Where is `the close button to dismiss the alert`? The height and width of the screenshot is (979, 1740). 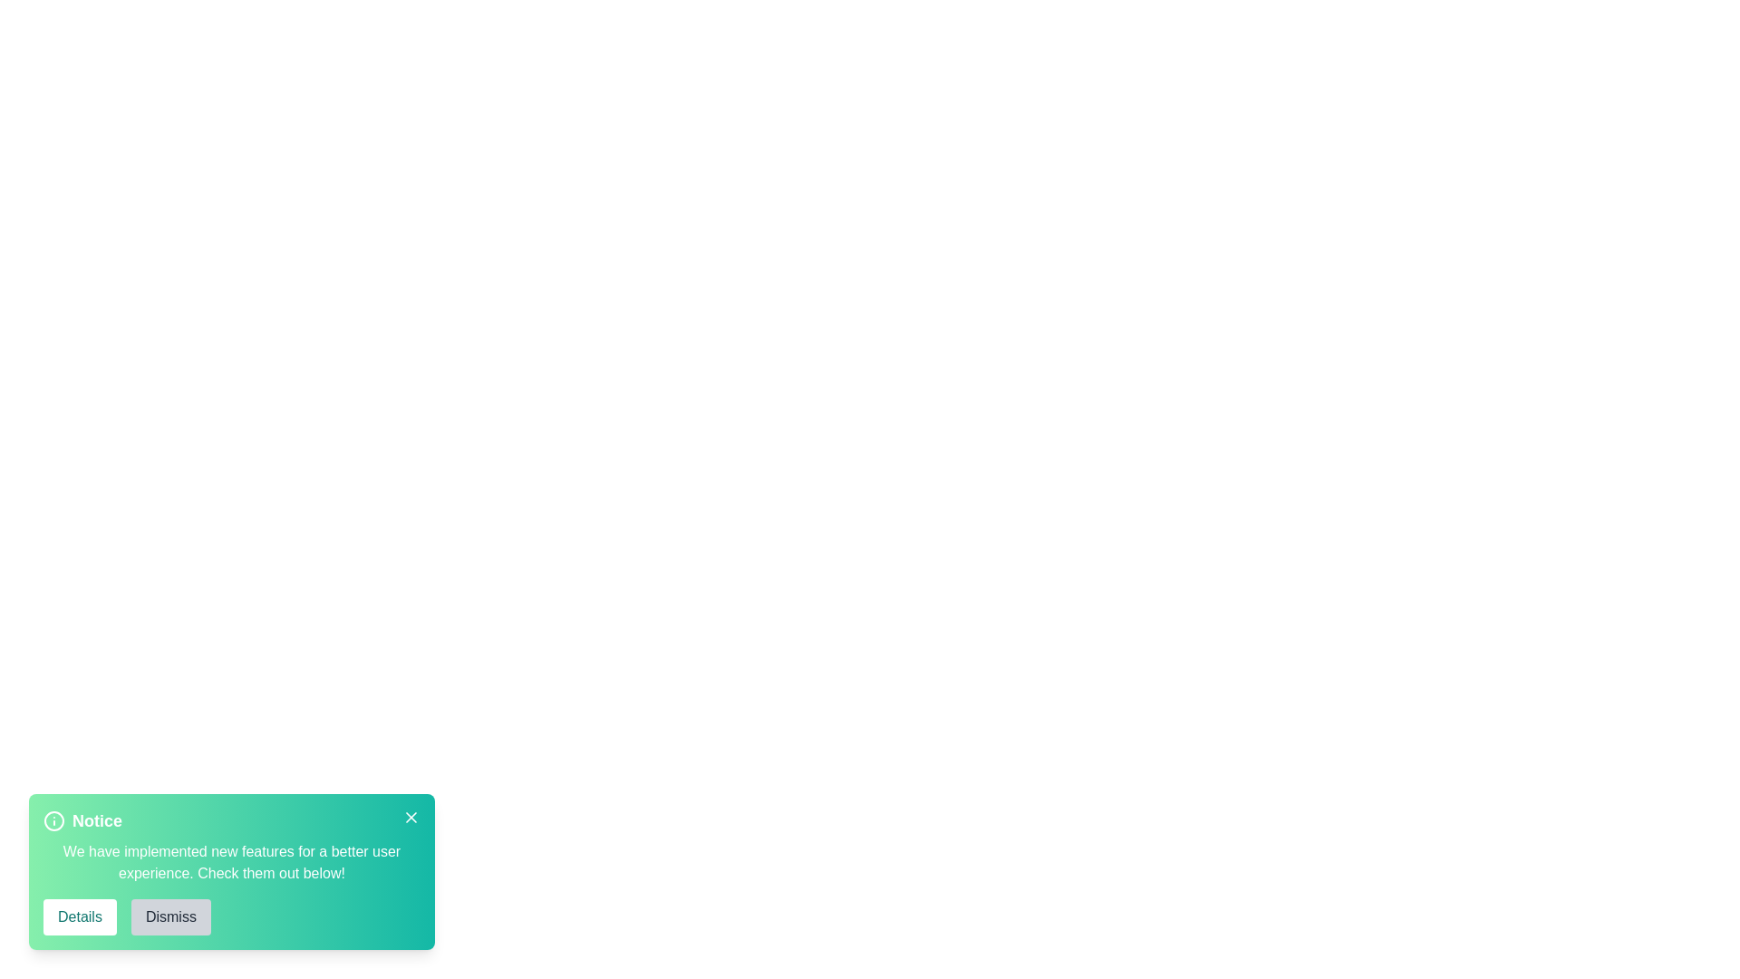
the close button to dismiss the alert is located at coordinates (411, 818).